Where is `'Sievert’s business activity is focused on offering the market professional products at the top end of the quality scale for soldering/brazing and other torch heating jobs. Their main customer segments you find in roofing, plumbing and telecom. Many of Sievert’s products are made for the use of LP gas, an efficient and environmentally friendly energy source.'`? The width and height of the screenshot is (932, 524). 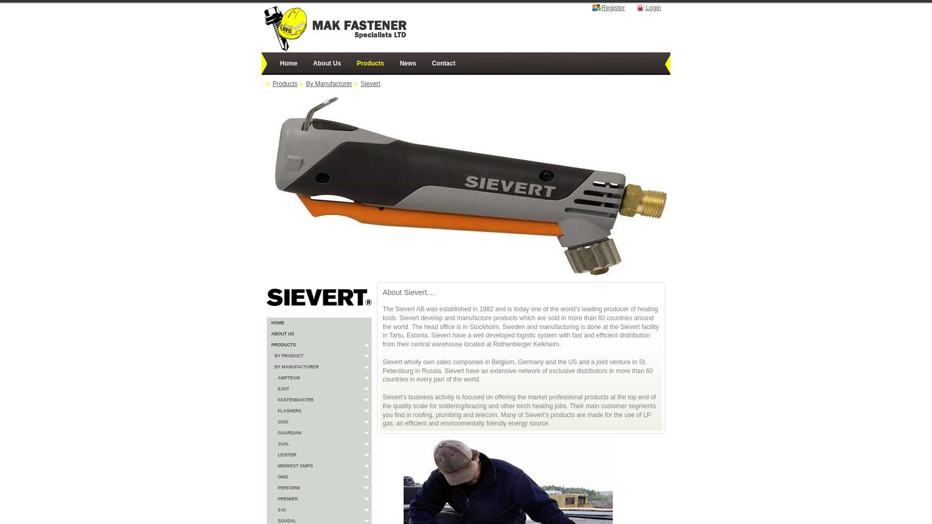 'Sievert’s business activity is focused on offering the market professional products at the top end of the quality scale for soldering/brazing and other torch heating jobs. Their main customer segments you find in roofing, plumbing and telecom. Many of Sievert’s products are made for the use of LP gas, an efficient and environmentally friendly energy source.' is located at coordinates (382, 410).